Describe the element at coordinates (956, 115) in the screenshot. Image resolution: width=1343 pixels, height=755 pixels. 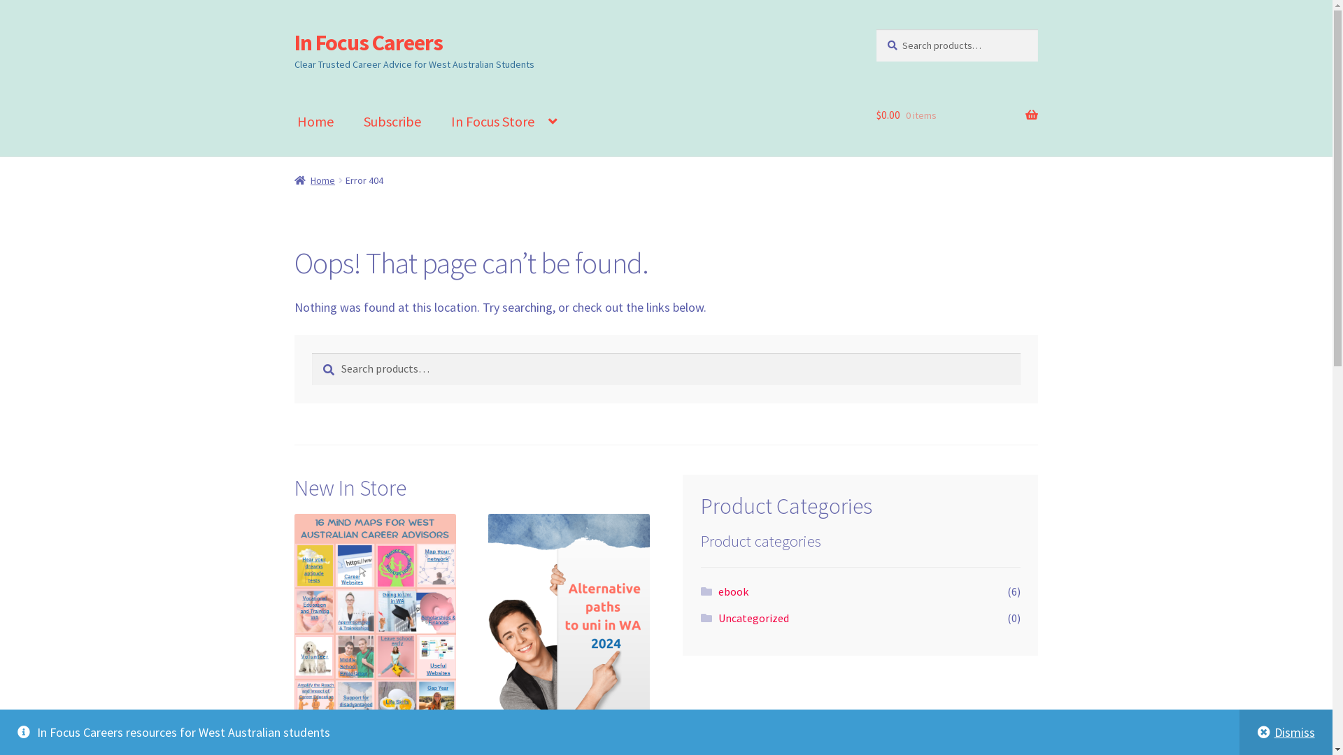
I see `'$0.00 0 items'` at that location.